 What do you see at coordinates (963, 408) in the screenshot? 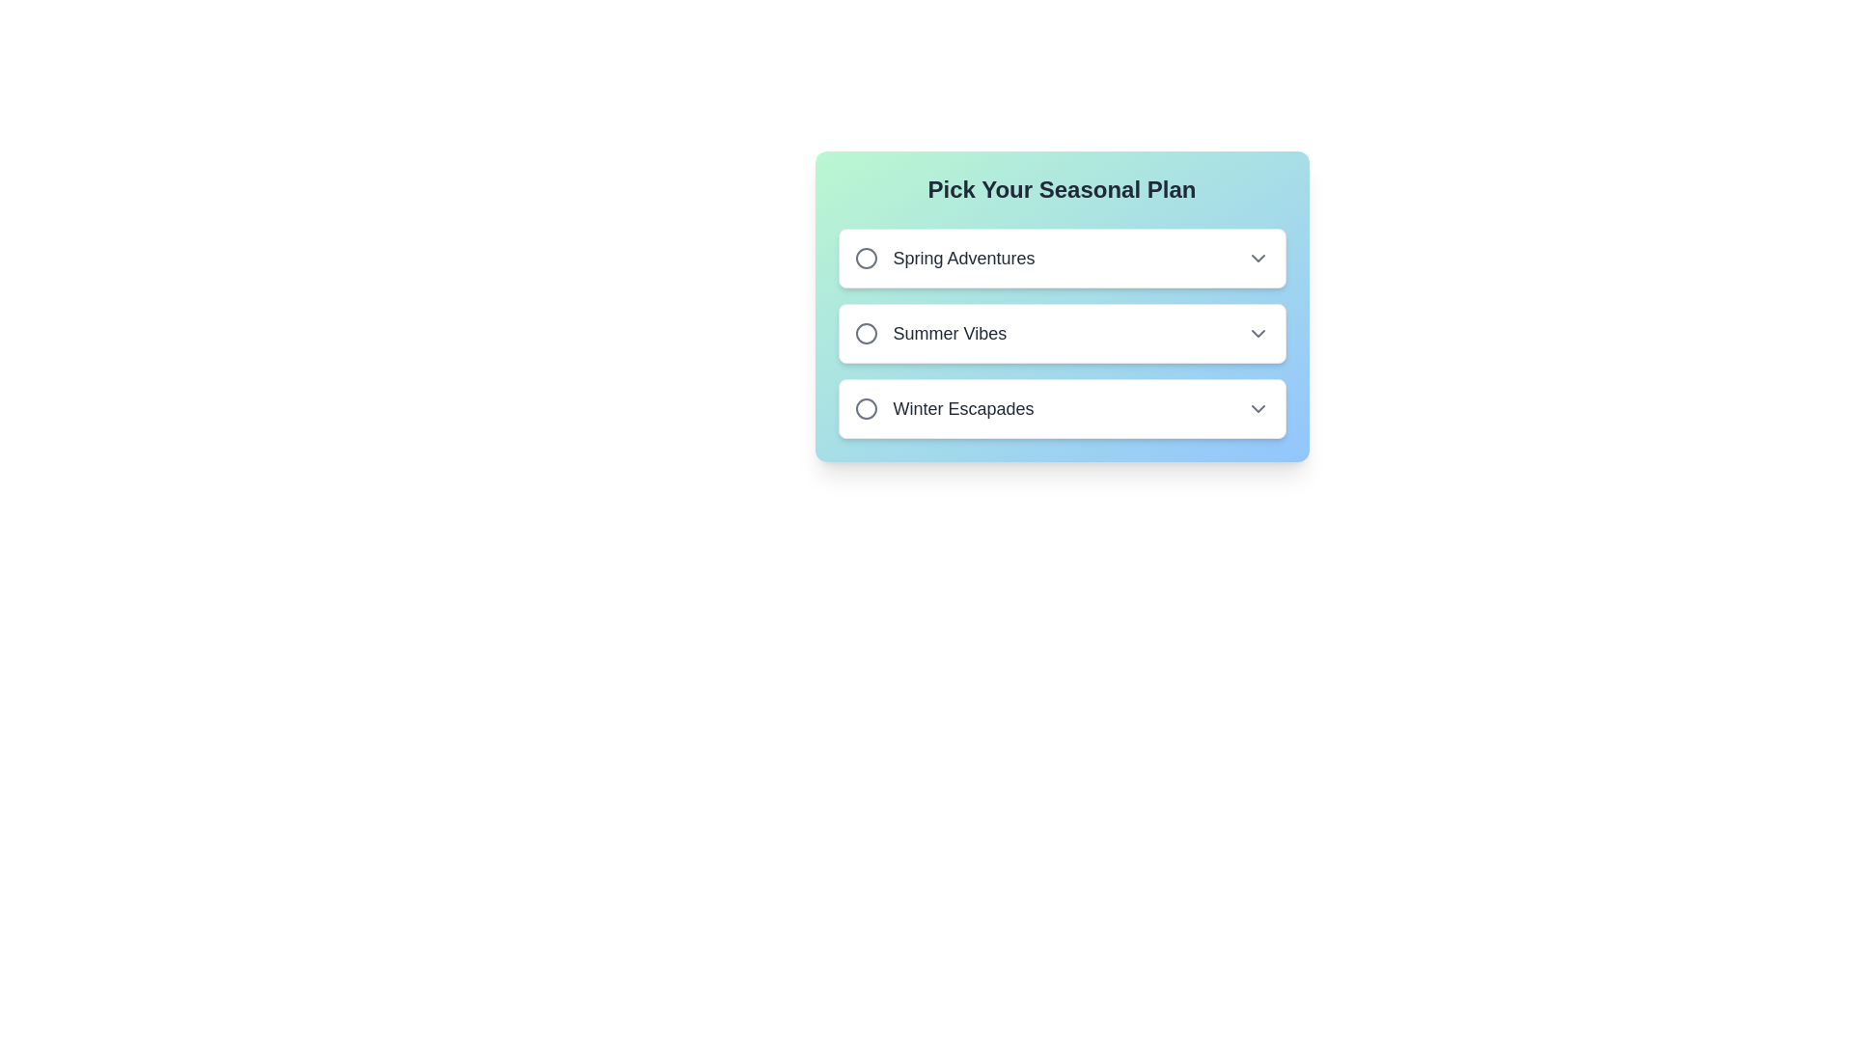
I see `the text label reading 'Winter Escapades', which is the third item in the vertical list under 'Pick Your Seasonal Plan', below 'Summer Vibes'` at bounding box center [963, 408].